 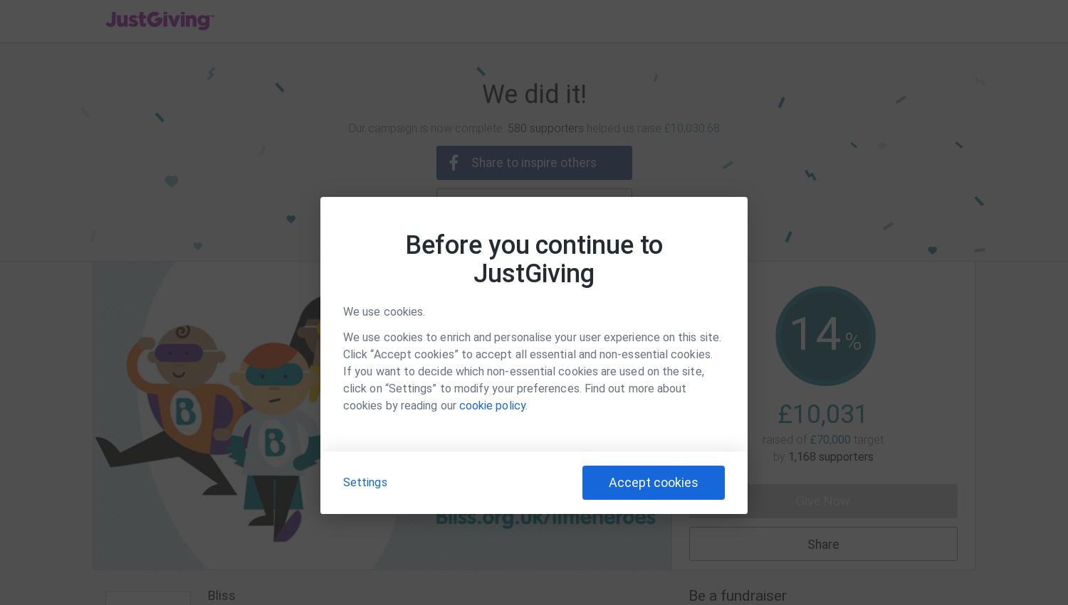 What do you see at coordinates (221, 595) in the screenshot?
I see `'Bliss'` at bounding box center [221, 595].